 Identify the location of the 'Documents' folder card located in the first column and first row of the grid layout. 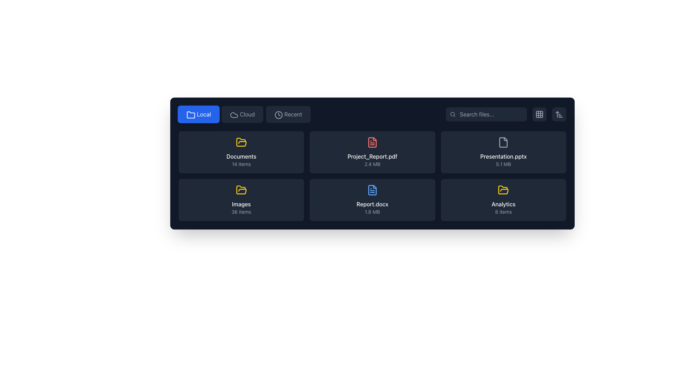
(241, 152).